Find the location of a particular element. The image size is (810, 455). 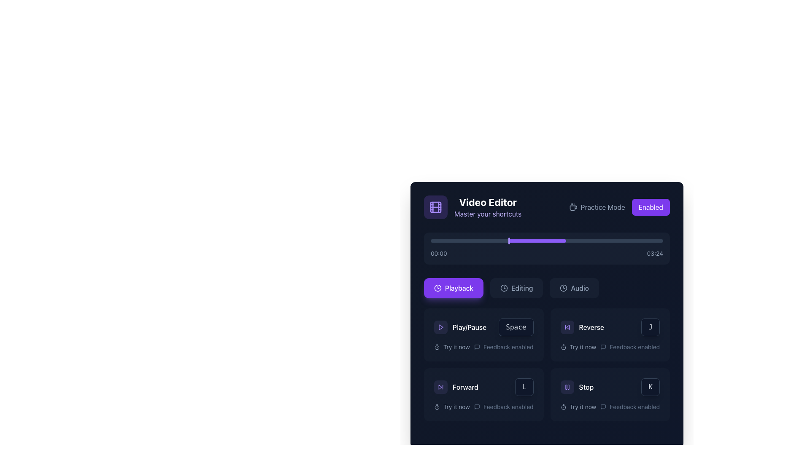

the timing or stopwatch icon located to the left of the 'Try it now' label, which is positioned in the lower section of the interface, aligned horizontally with it is located at coordinates (437, 406).